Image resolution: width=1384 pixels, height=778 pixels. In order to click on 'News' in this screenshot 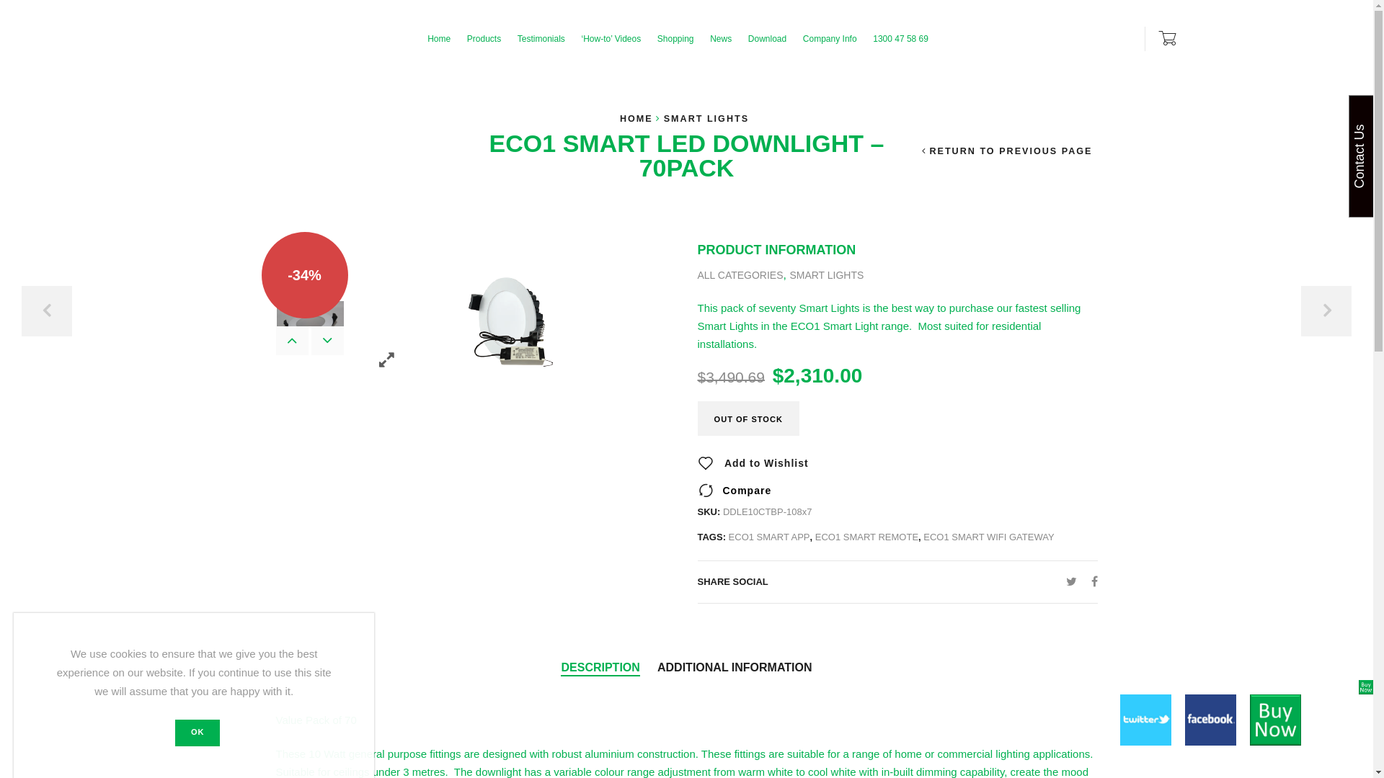, I will do `click(720, 38)`.